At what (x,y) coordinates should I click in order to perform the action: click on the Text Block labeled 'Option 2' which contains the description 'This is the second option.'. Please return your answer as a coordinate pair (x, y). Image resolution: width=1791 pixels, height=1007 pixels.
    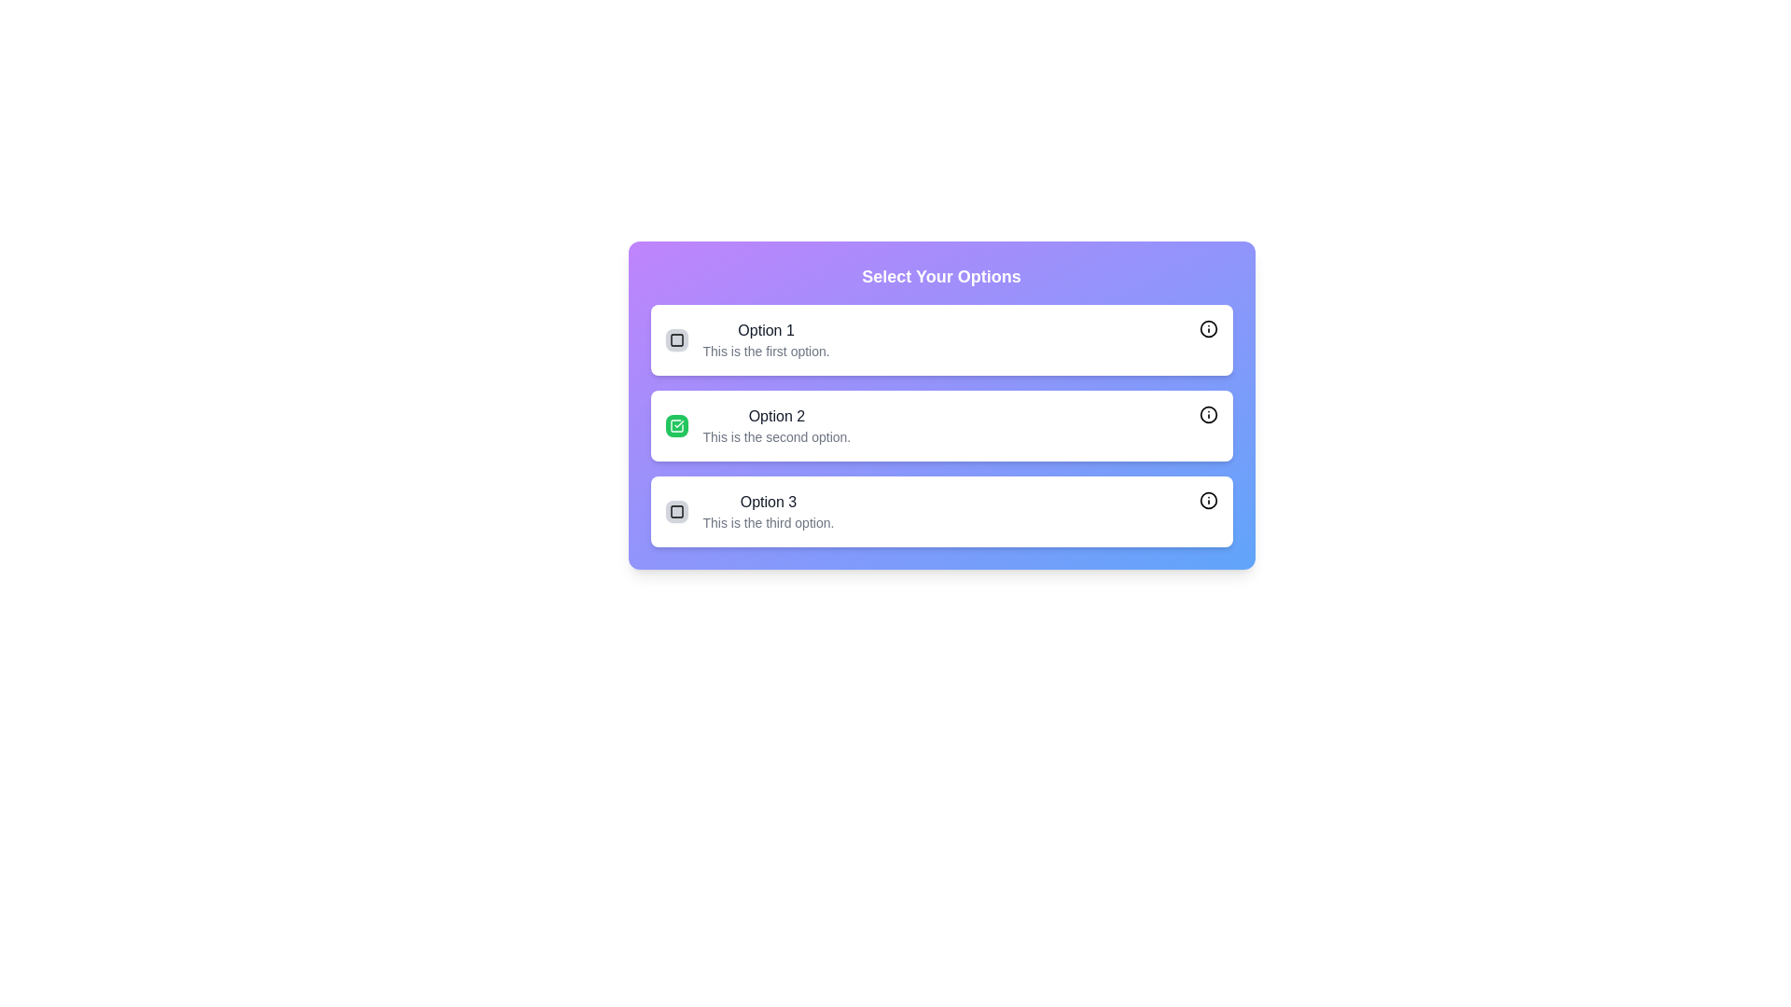
    Looking at the image, I should click on (776, 425).